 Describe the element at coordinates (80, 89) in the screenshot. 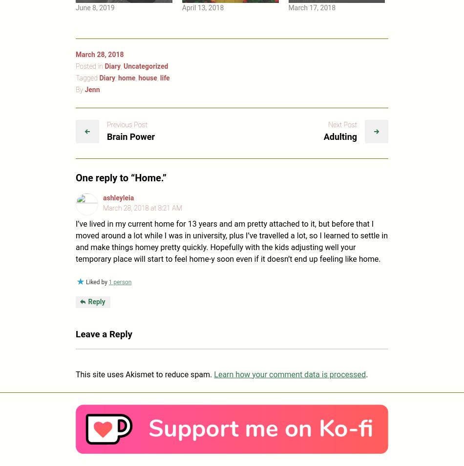

I see `'By'` at that location.